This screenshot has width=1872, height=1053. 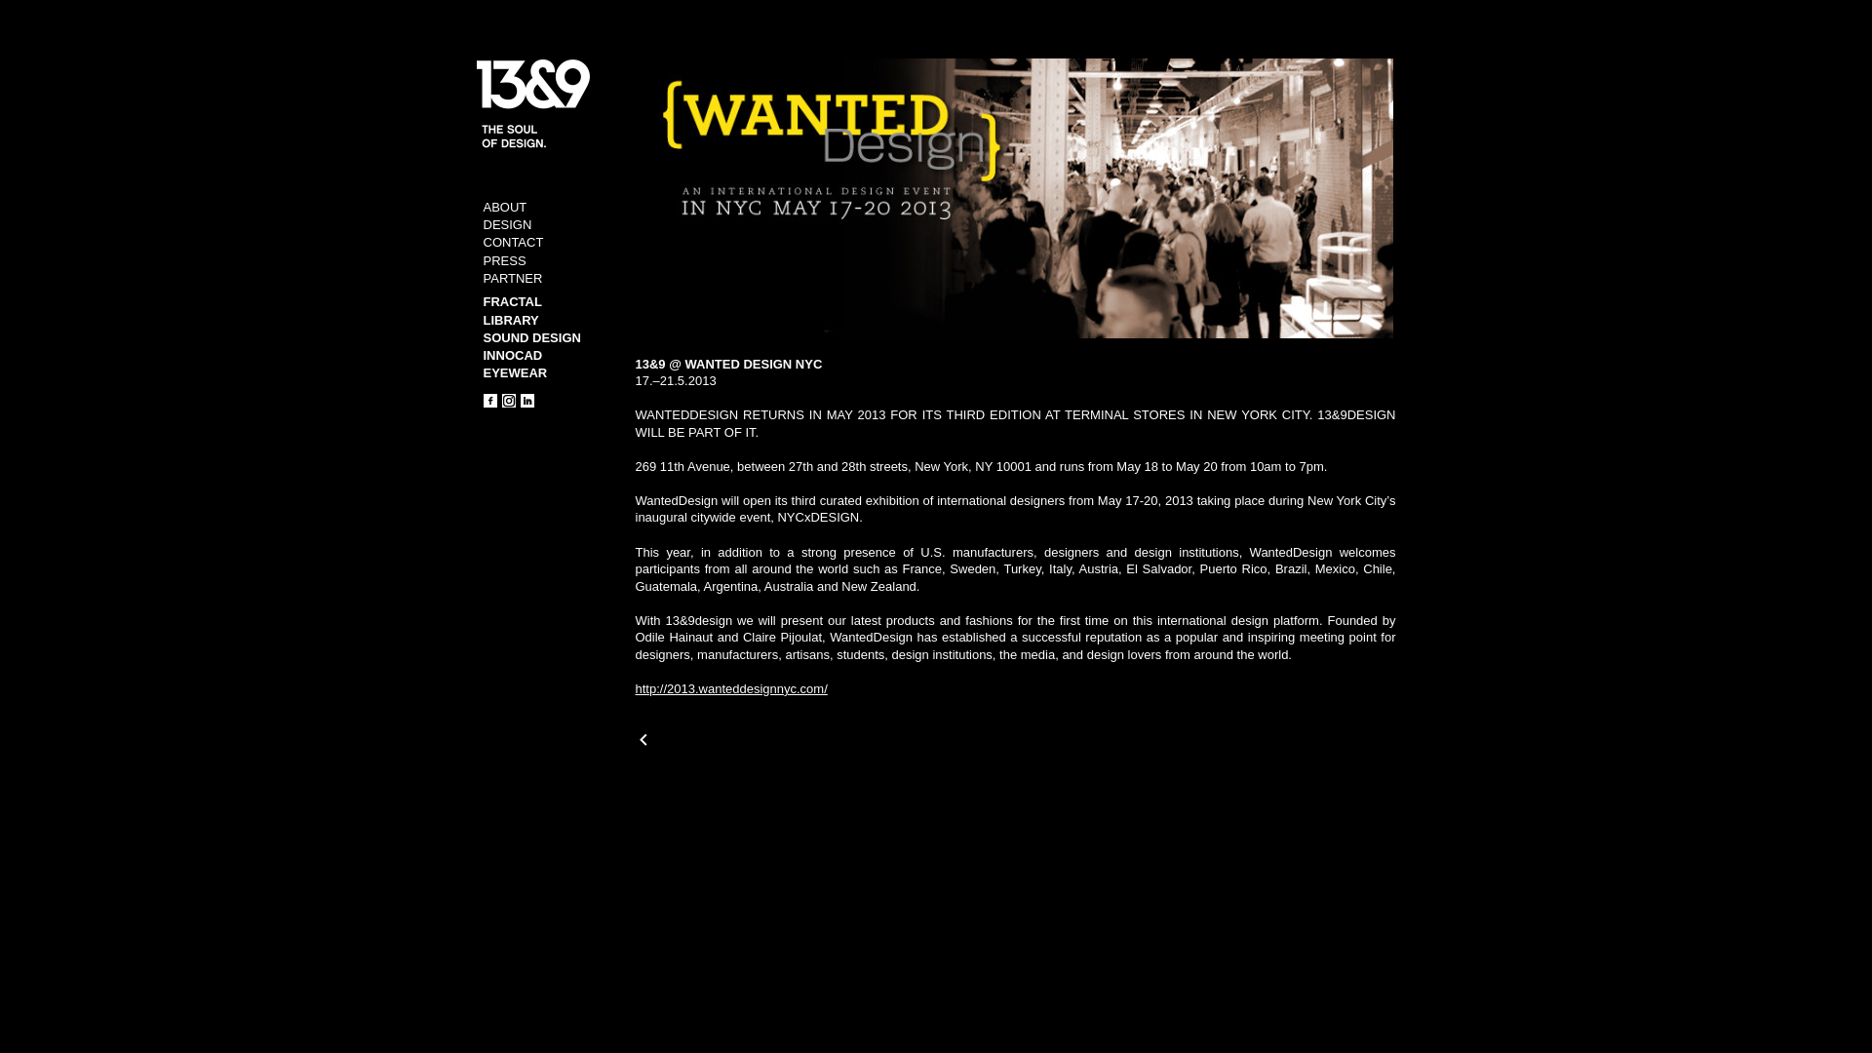 What do you see at coordinates (483, 207) in the screenshot?
I see `'ABOUT'` at bounding box center [483, 207].